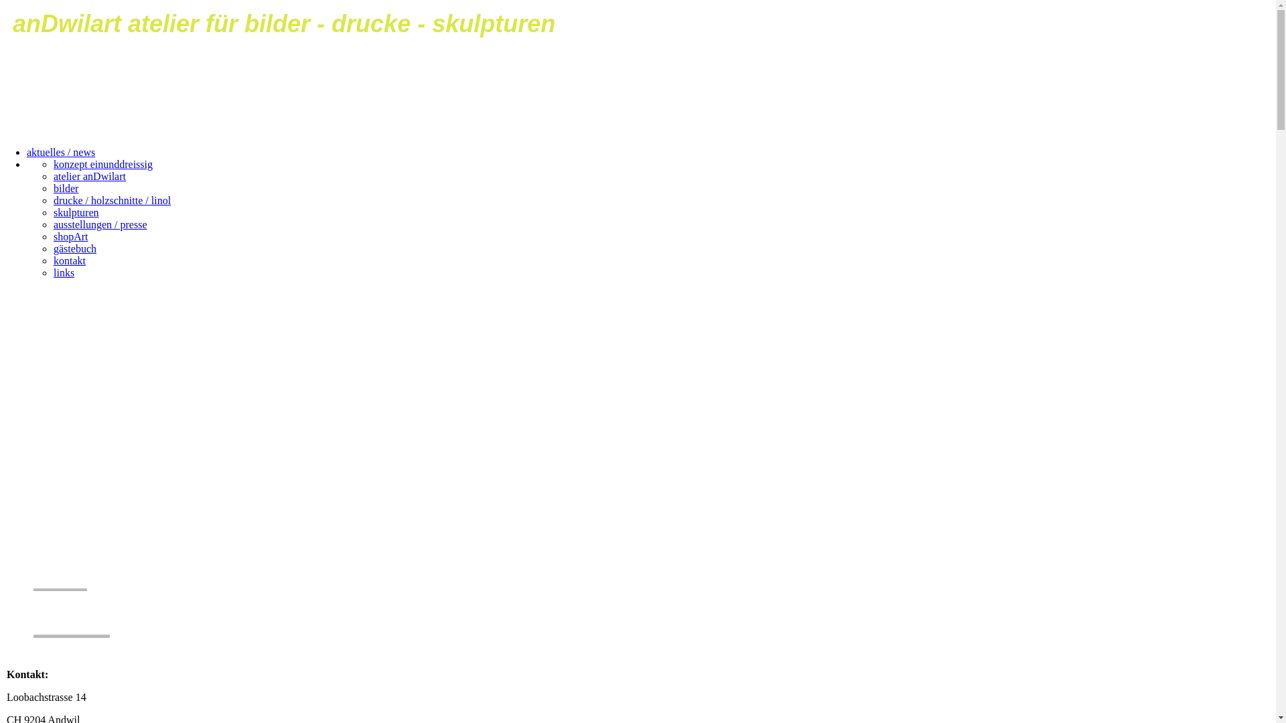 This screenshot has width=1286, height=723. I want to click on 'bilder', so click(65, 188).